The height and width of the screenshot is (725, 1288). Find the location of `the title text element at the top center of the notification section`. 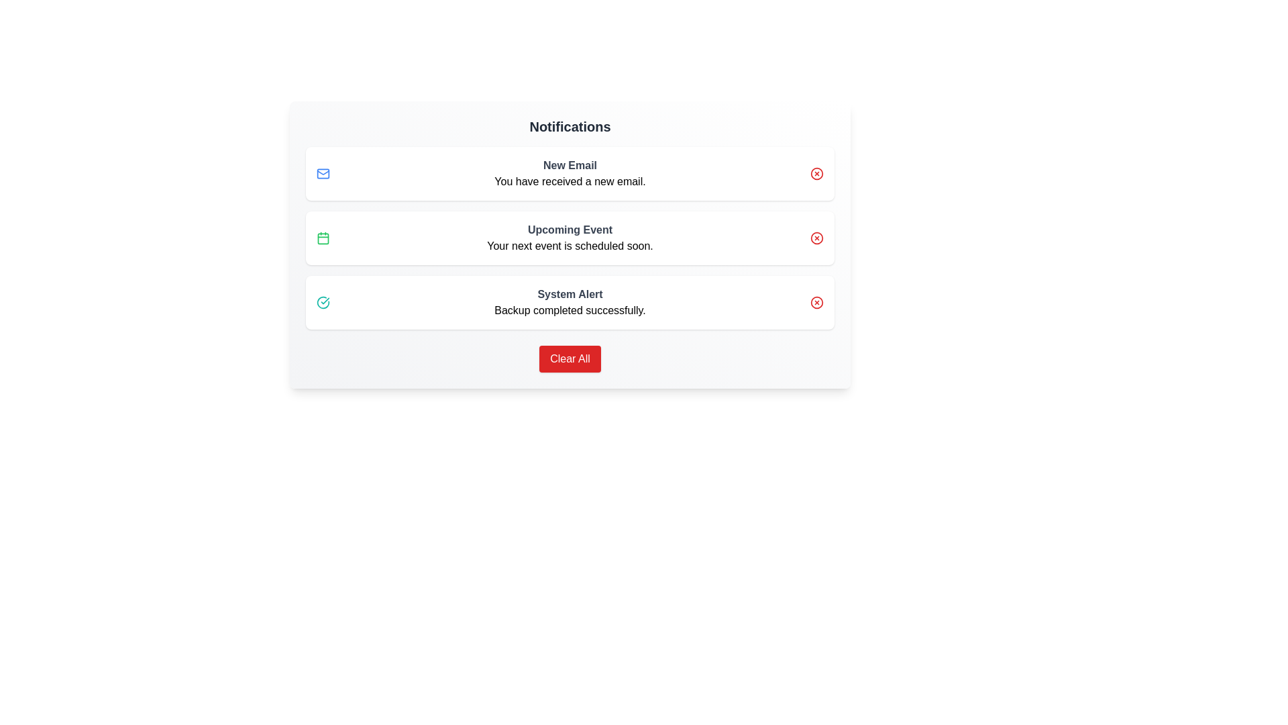

the title text element at the top center of the notification section is located at coordinates (570, 127).